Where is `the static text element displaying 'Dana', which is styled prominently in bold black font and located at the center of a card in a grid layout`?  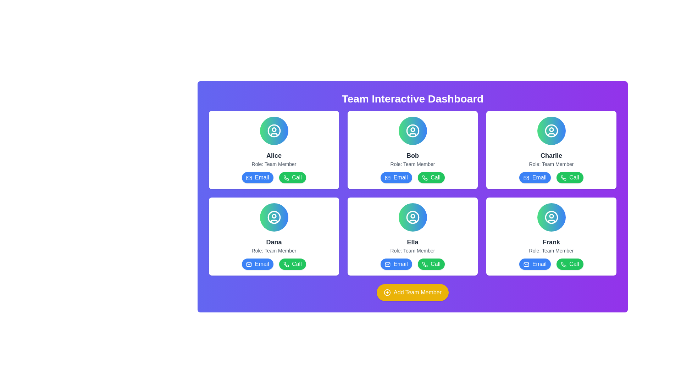
the static text element displaying 'Dana', which is styled prominently in bold black font and located at the center of a card in a grid layout is located at coordinates (273, 242).